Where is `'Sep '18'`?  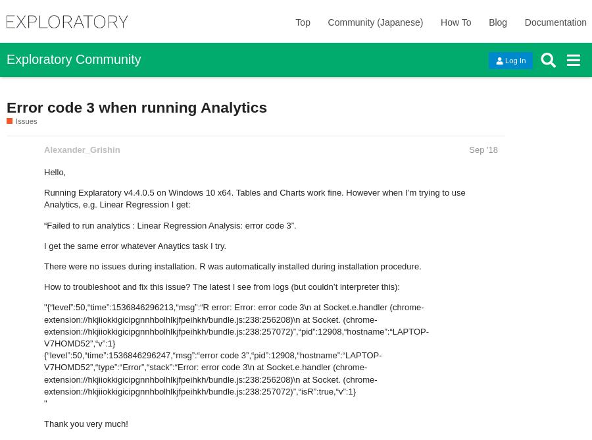
'Sep '18' is located at coordinates (483, 149).